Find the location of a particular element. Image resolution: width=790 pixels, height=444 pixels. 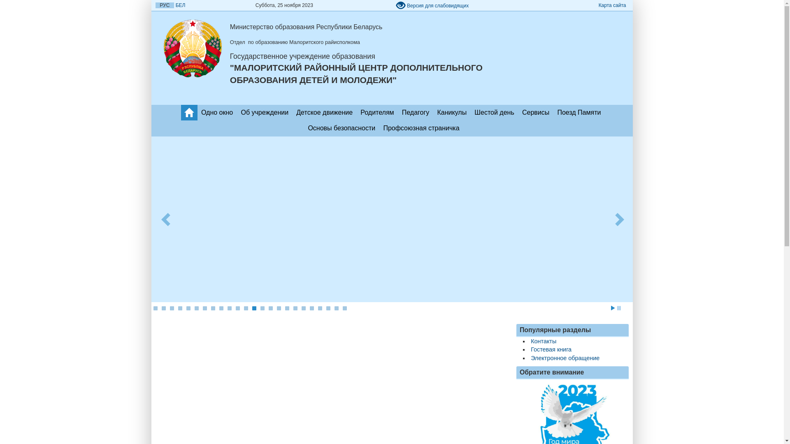

'18' is located at coordinates (295, 308).